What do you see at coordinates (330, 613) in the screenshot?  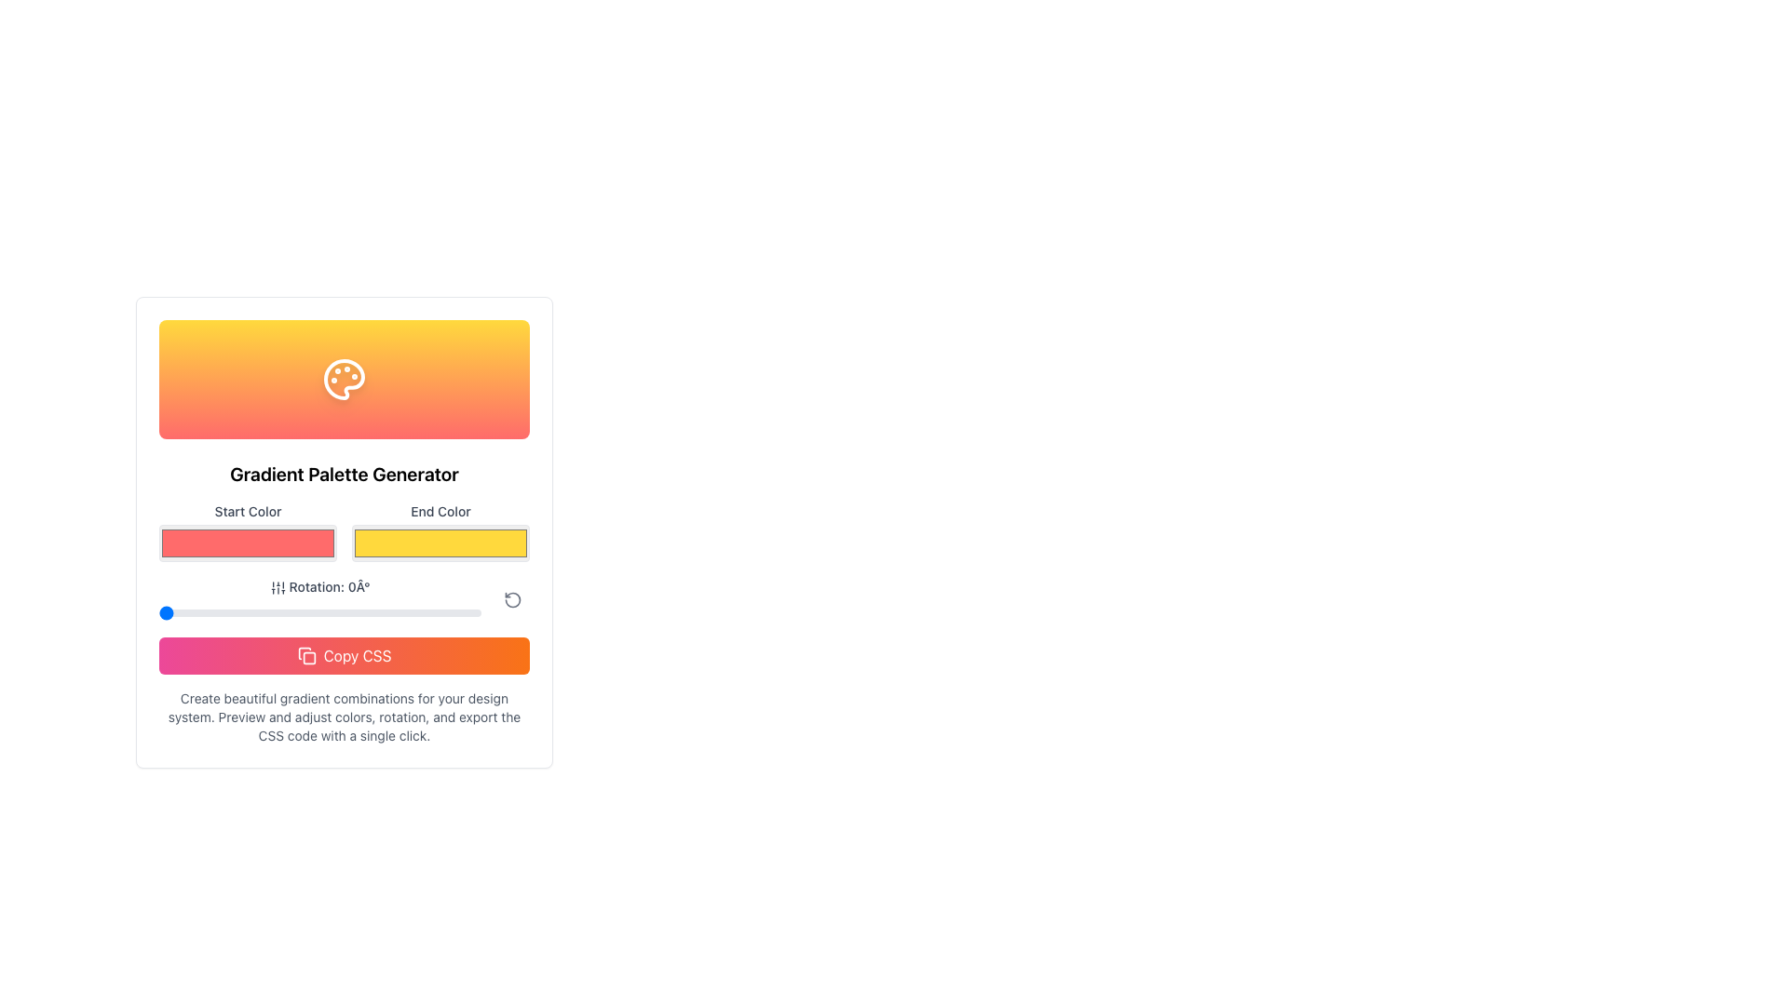 I see `the rotation` at bounding box center [330, 613].